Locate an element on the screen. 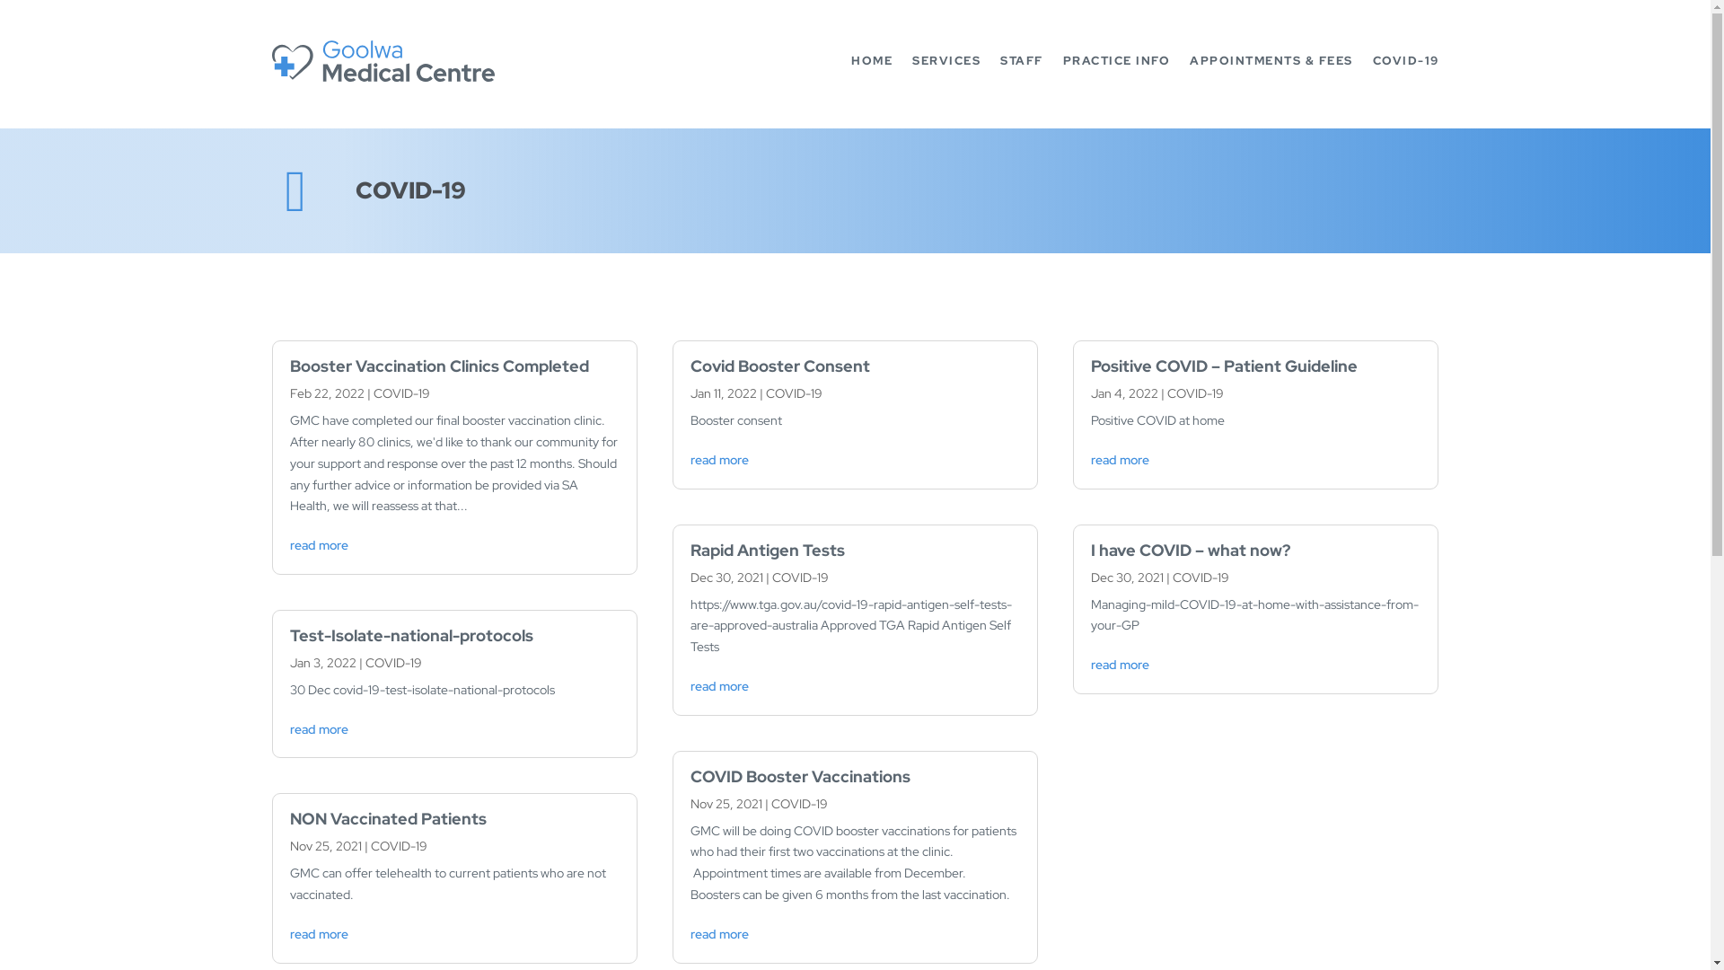 Image resolution: width=1724 pixels, height=970 pixels. 'COVID-19' is located at coordinates (397, 845).